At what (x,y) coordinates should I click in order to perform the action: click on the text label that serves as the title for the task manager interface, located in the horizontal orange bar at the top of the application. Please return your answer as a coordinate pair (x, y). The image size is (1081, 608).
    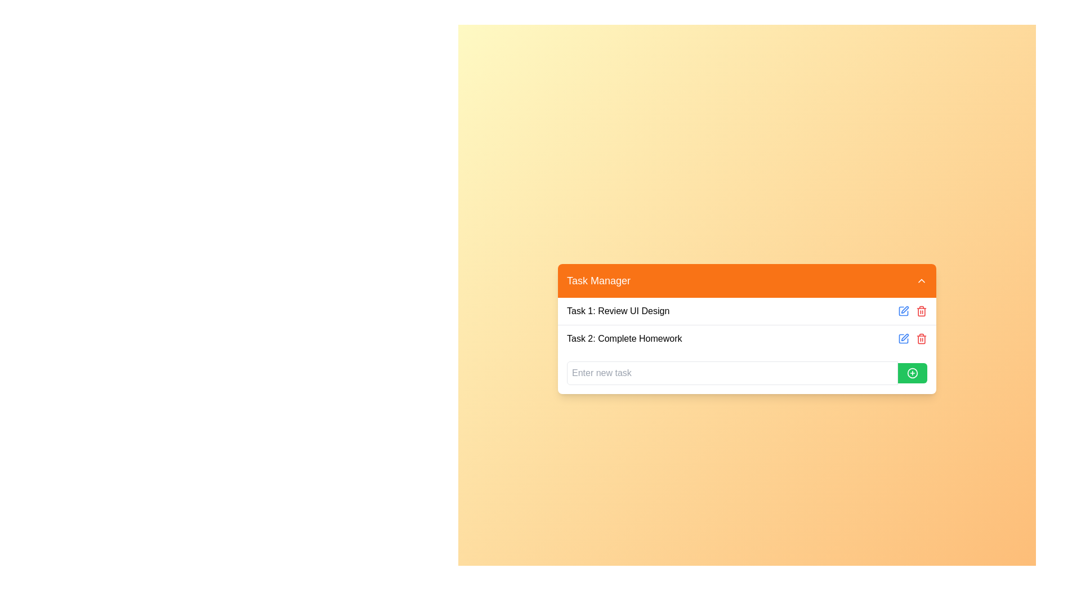
    Looking at the image, I should click on (598, 280).